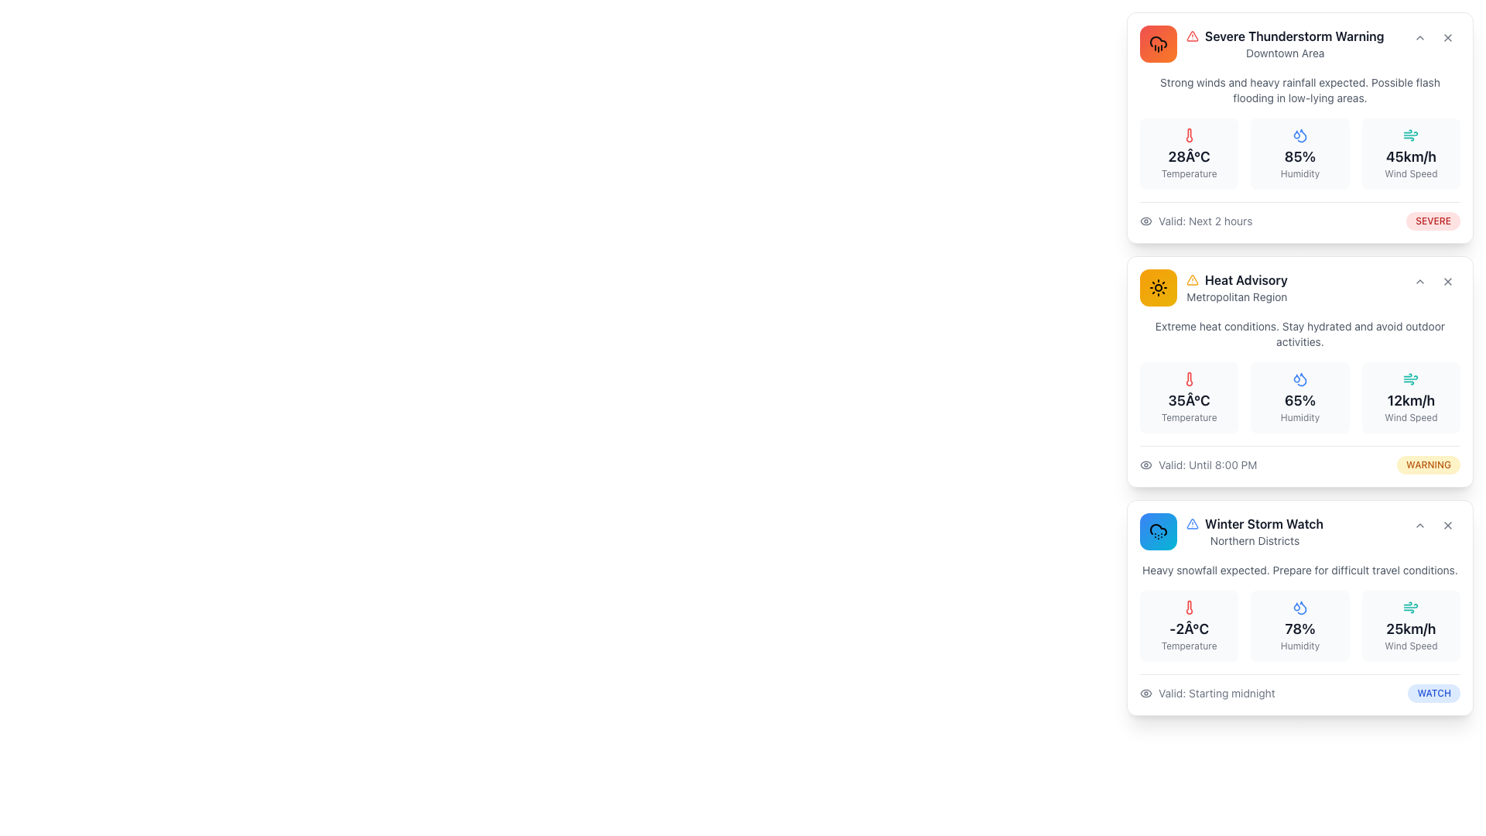  What do you see at coordinates (1204, 221) in the screenshot?
I see `the text label reading 'Valid: Next 2 hours', which is styled in gray and positioned in the bottom section of the 'Severe Thunderstorm Warning' card, located to the right of the eye icon` at bounding box center [1204, 221].